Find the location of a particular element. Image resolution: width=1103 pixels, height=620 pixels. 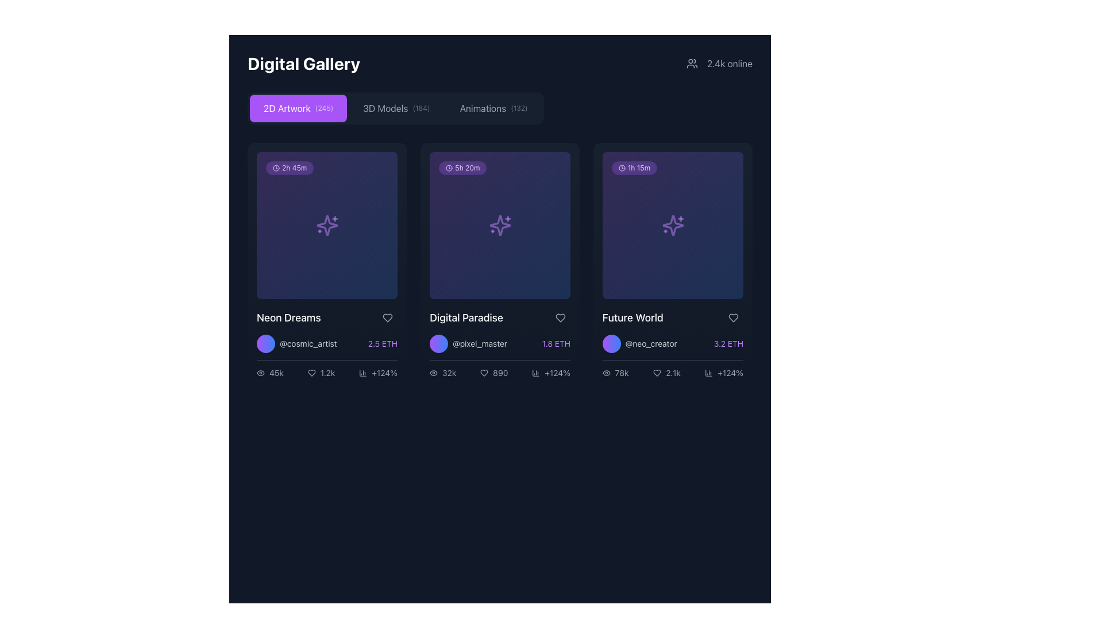

the performance metric label indicating a 124% increase, located in the bottom-right group of the 'Future World' card, to the right of a small chart icon is located at coordinates (730, 373).